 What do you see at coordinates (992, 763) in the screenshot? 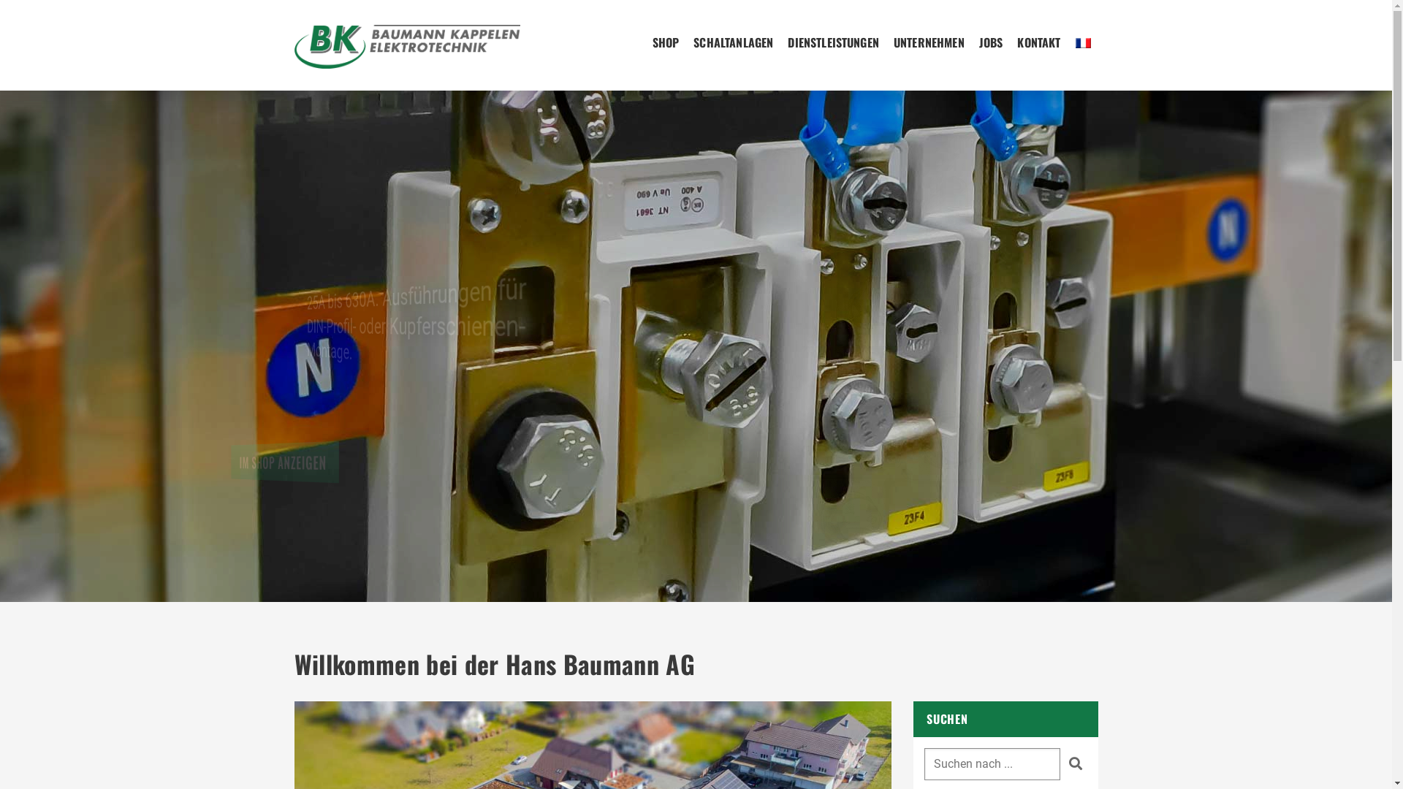
I see `'Suchbegriff'` at bounding box center [992, 763].